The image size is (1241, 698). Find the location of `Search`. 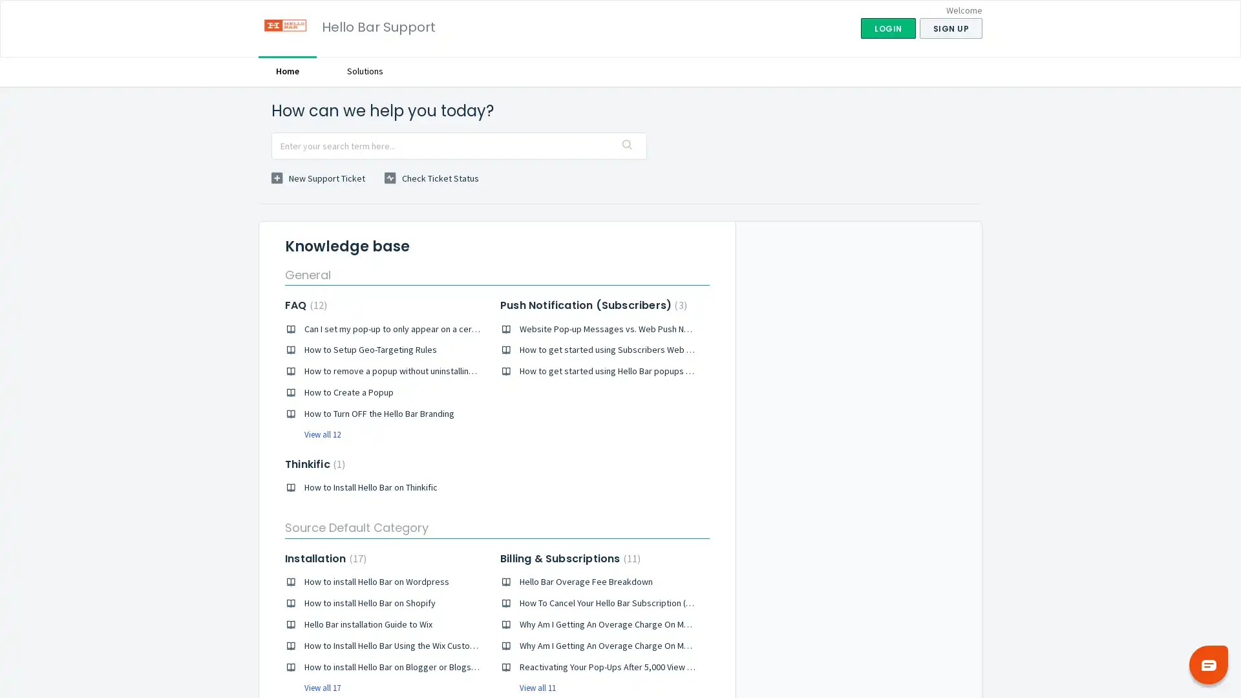

Search is located at coordinates (626, 145).